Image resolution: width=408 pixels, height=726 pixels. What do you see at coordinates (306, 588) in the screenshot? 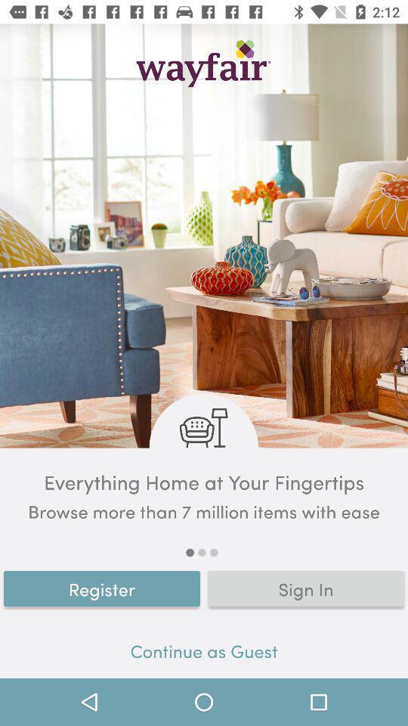
I see `the sign in item` at bounding box center [306, 588].